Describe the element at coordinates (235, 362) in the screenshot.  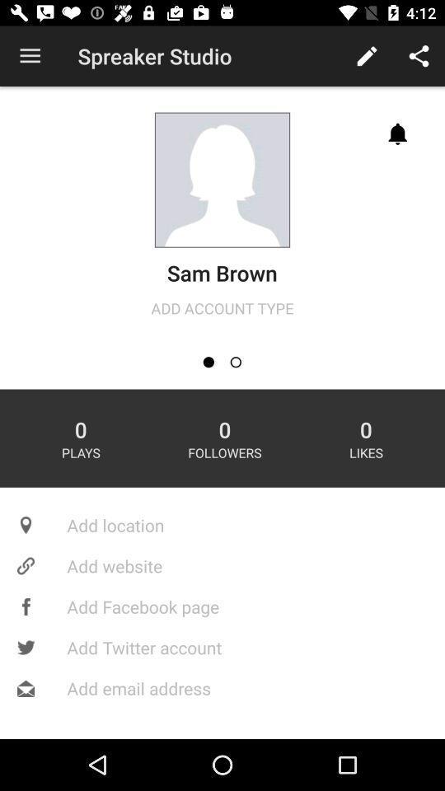
I see `icon above the 0` at that location.